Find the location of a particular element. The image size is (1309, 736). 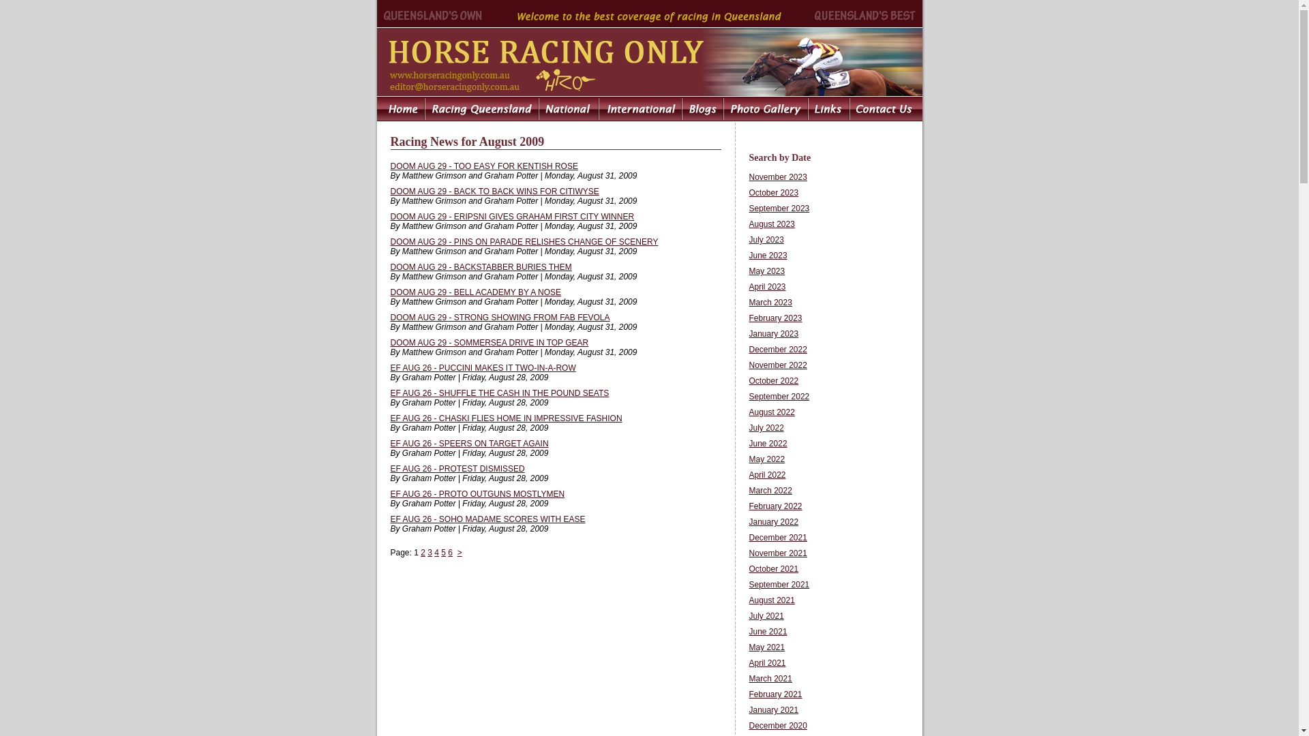

'September 2023' is located at coordinates (779, 208).